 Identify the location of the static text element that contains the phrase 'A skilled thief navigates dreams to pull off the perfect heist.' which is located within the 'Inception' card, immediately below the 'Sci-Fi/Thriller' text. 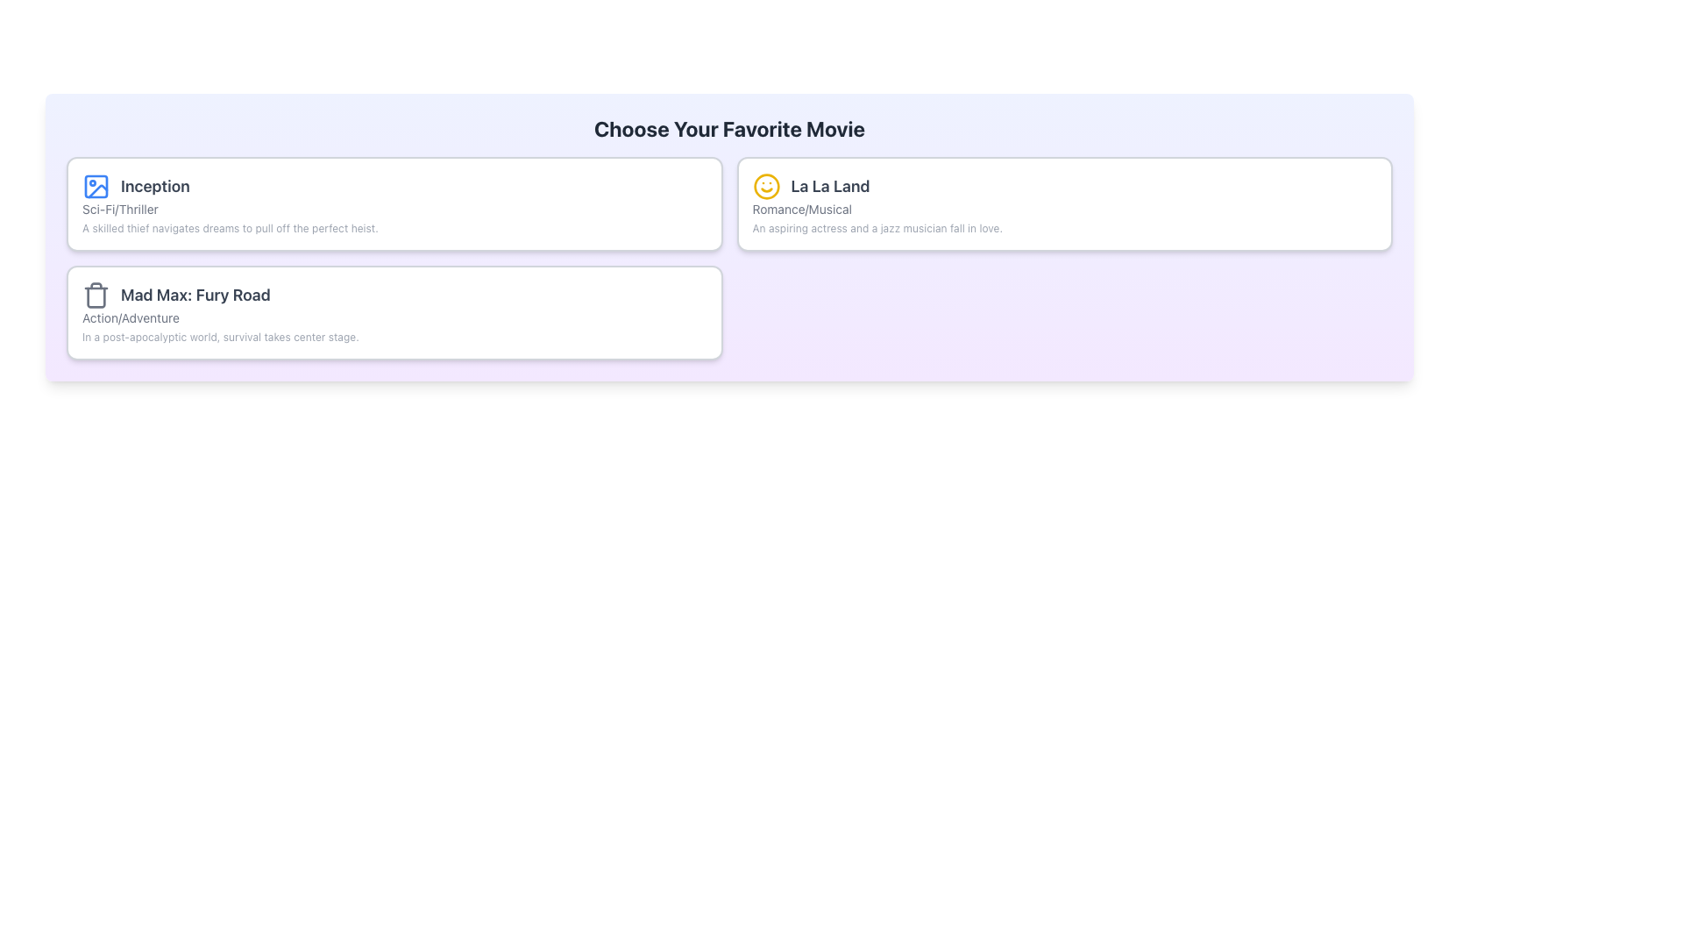
(229, 228).